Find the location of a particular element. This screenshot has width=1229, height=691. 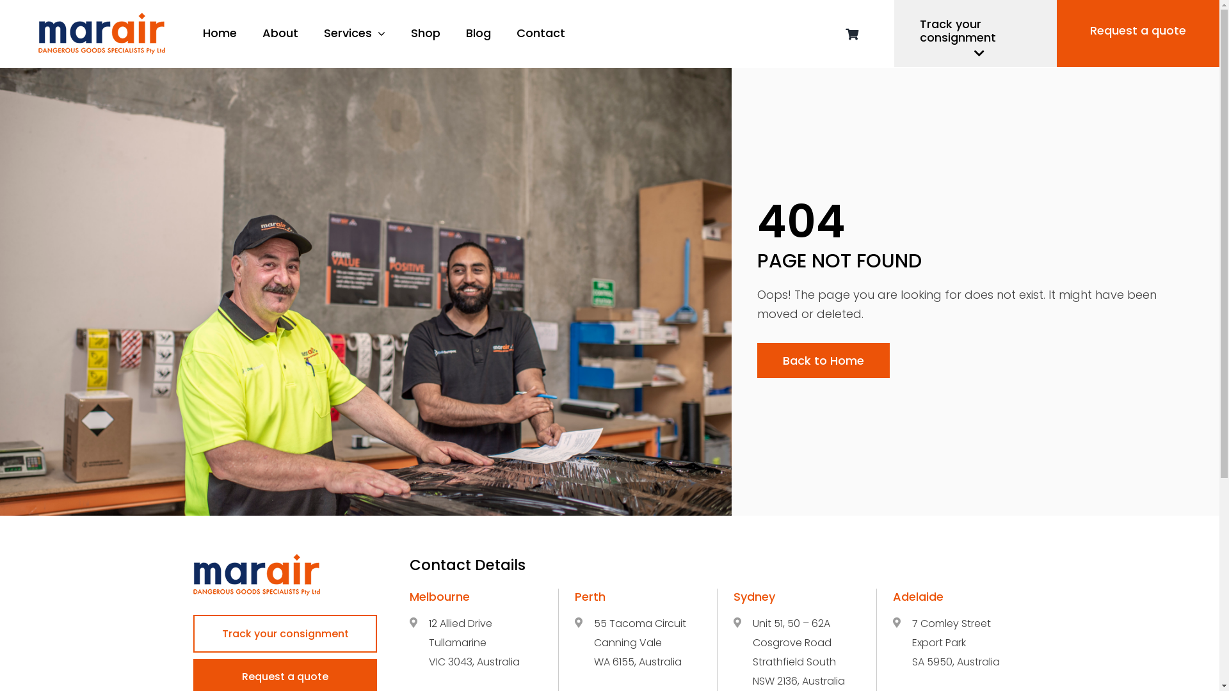

'Contact' is located at coordinates (540, 33).